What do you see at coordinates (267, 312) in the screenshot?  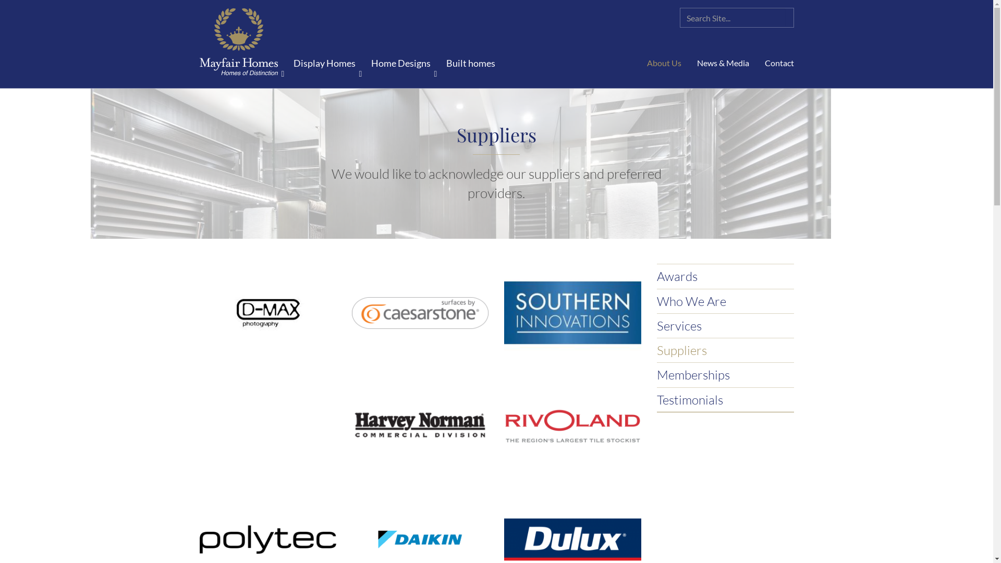 I see `'D-MAX Photography'` at bounding box center [267, 312].